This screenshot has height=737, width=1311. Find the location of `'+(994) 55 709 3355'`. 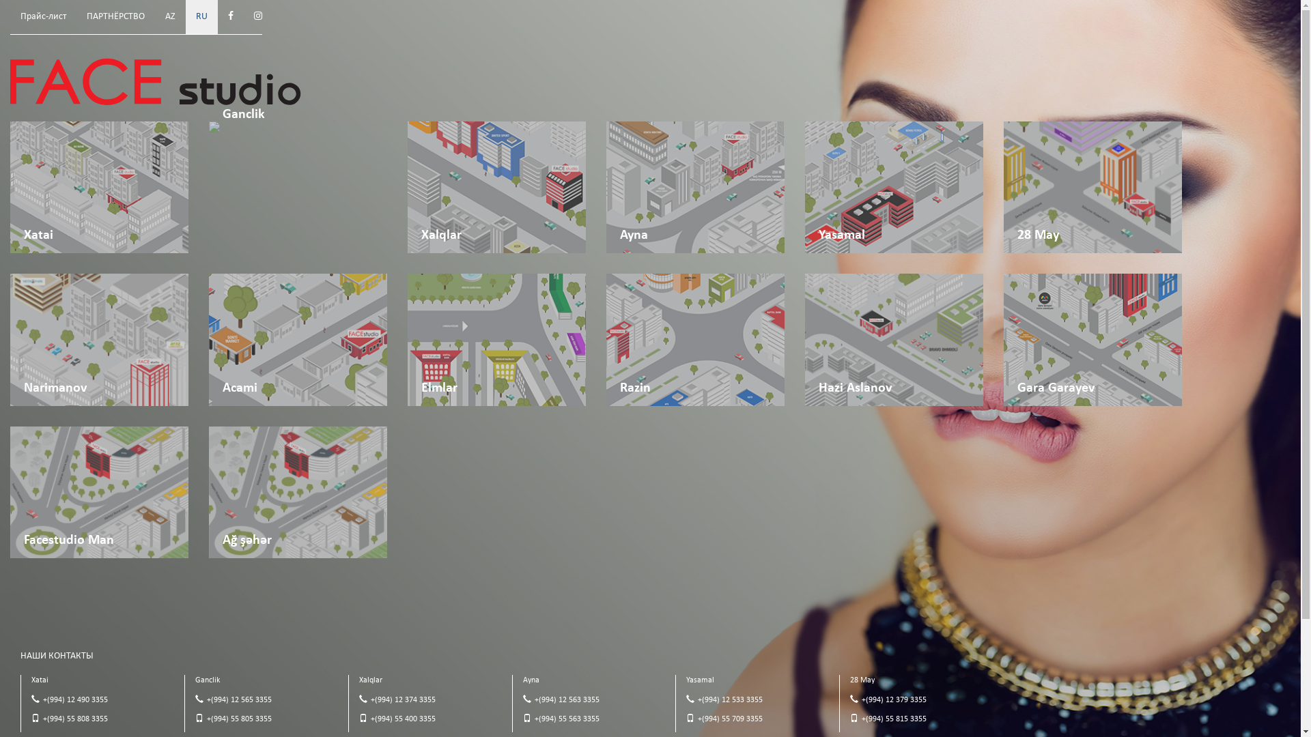

'+(994) 55 709 3355' is located at coordinates (729, 718).